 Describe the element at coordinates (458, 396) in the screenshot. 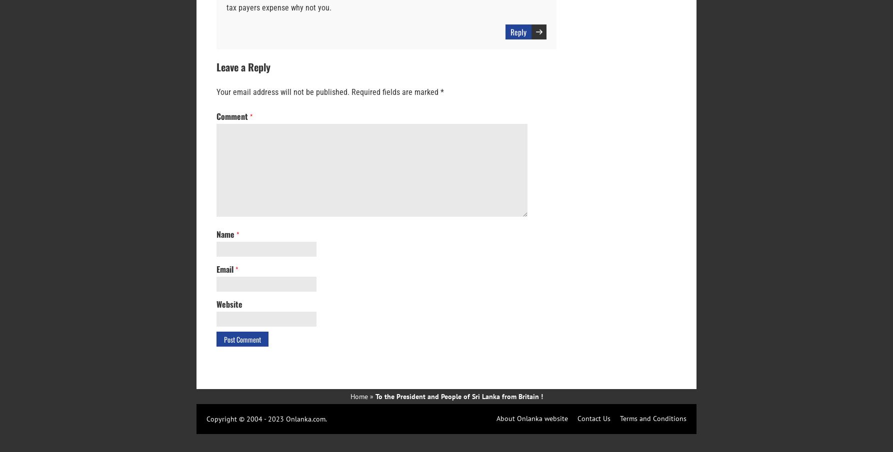

I see `'To the President and People of Sri Lanka from Britain !'` at that location.